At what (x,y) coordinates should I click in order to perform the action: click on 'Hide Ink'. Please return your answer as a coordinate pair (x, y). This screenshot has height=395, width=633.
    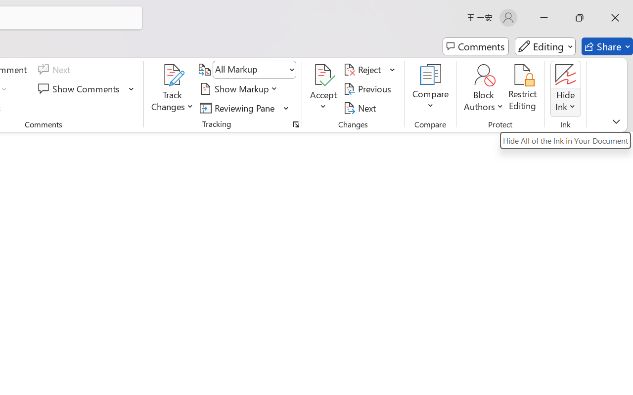
    Looking at the image, I should click on (566, 75).